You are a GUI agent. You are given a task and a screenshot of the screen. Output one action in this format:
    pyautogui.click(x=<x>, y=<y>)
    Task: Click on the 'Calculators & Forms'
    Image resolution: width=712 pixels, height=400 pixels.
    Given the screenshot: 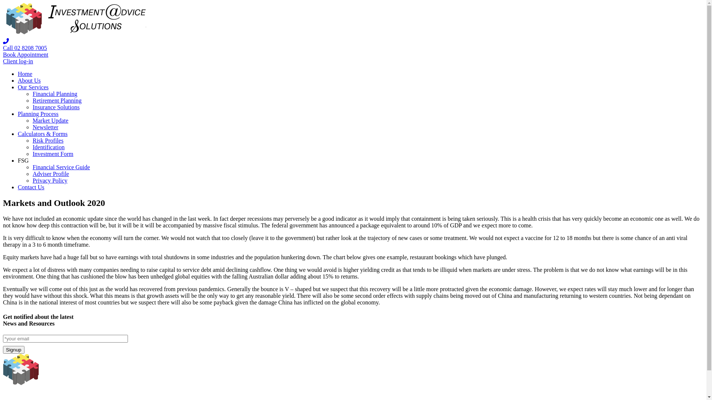 What is the action you would take?
    pyautogui.click(x=42, y=134)
    